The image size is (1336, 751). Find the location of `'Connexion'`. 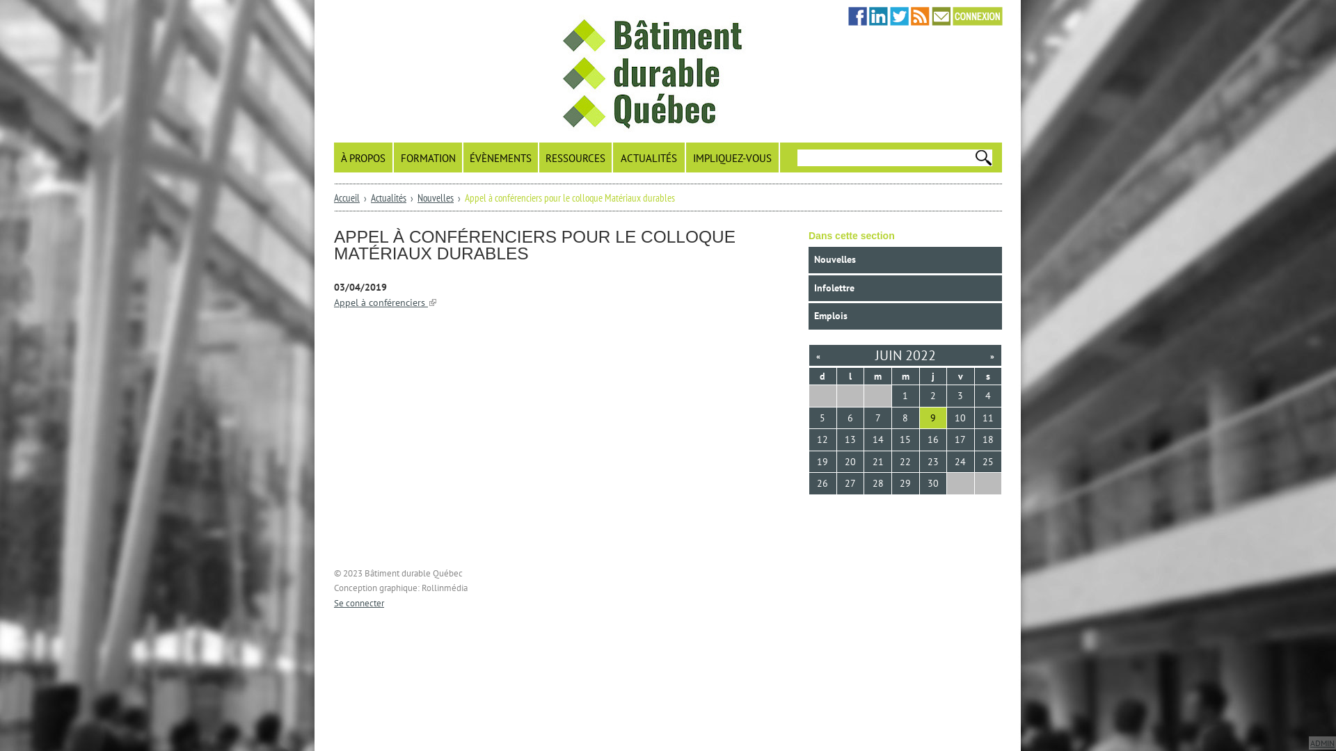

'Connexion' is located at coordinates (951, 16).